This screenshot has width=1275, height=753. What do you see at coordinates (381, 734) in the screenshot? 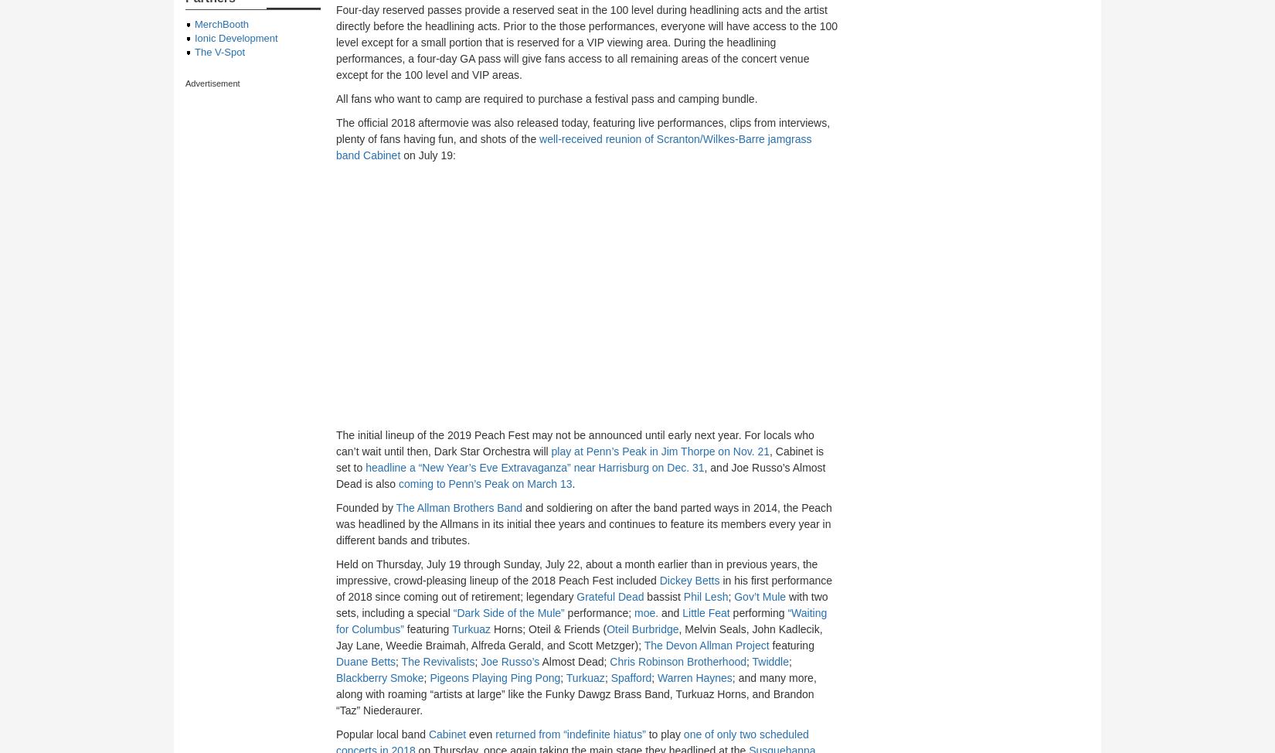
I see `'Popular local band'` at bounding box center [381, 734].